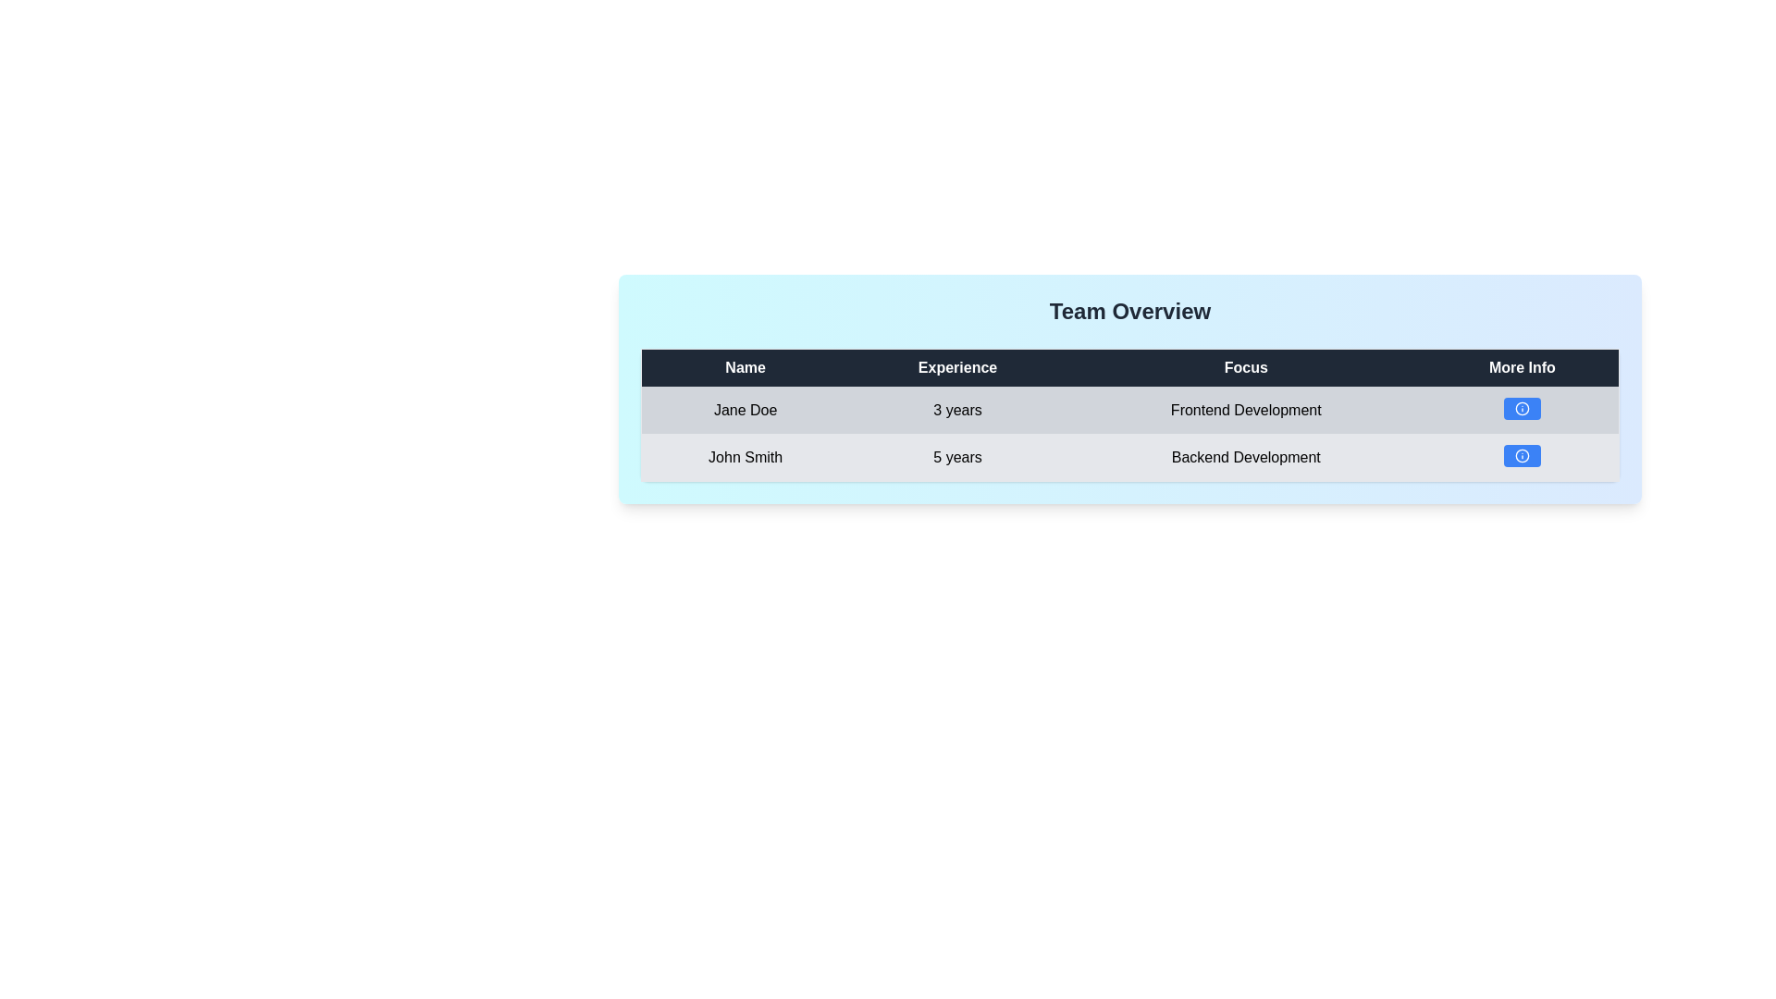 The image size is (1776, 999). Describe the element at coordinates (1522, 456) in the screenshot. I see `the circular button with an embedded information icon located in the 'More Info' column of the table corresponding to the 'John Smith' row` at that location.